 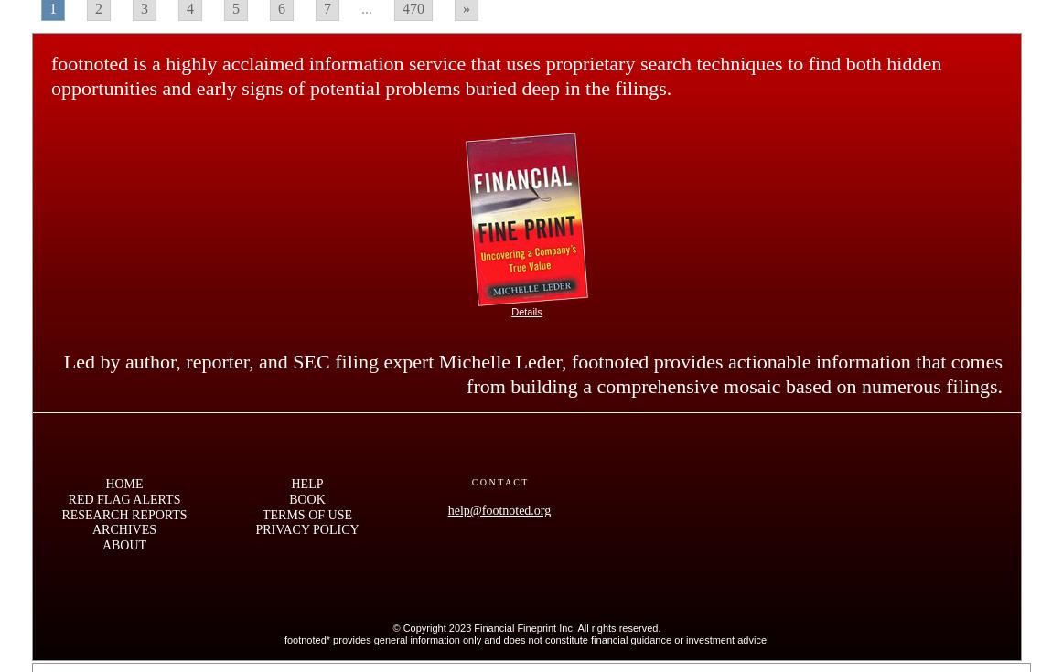 What do you see at coordinates (306, 483) in the screenshot?
I see `'HELP'` at bounding box center [306, 483].